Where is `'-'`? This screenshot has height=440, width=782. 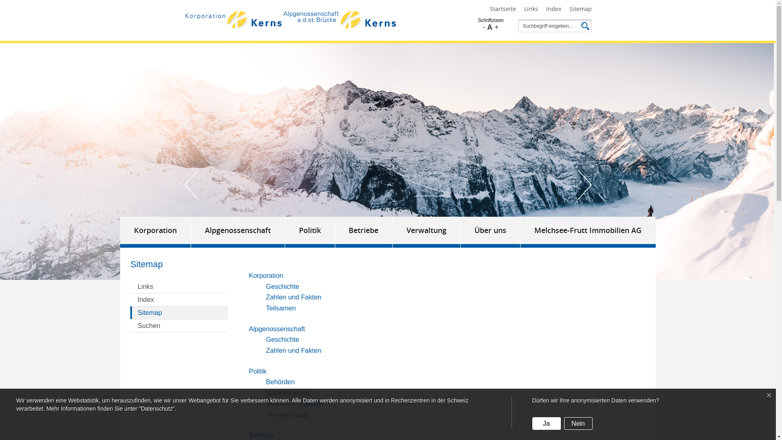
'-' is located at coordinates (484, 26).